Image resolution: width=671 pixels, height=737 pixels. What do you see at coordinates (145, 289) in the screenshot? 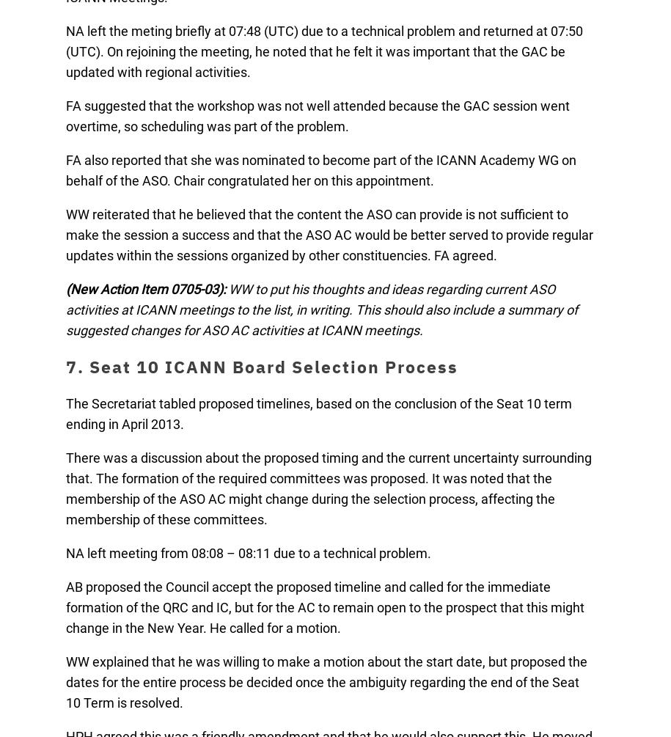
I see `'(New Action Item 0705-03):'` at bounding box center [145, 289].